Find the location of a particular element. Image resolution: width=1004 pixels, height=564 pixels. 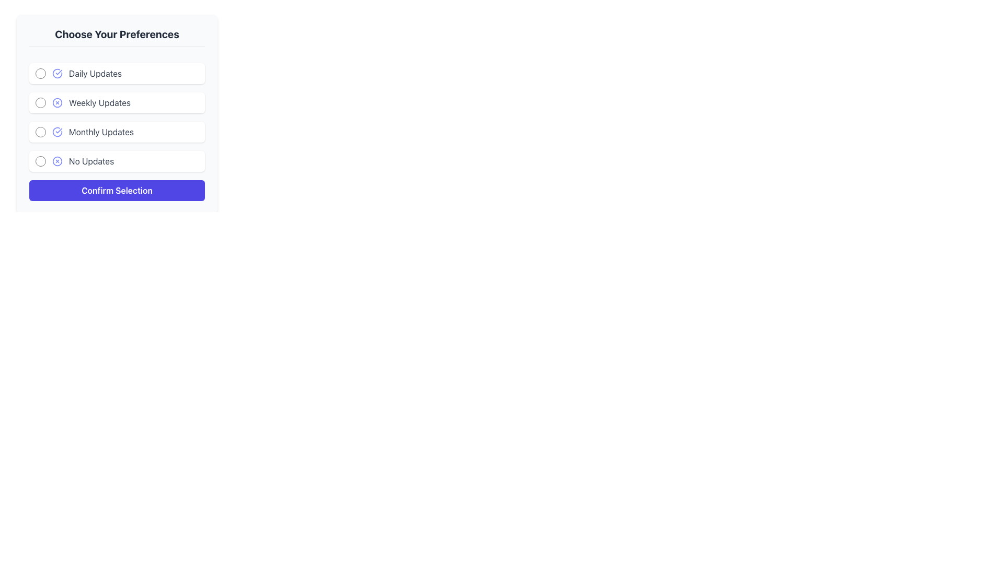

the unselected indigo radio button styled with the 'form-radio' class located next to the 'Monthly Updates' label in the 'Choose Your Preferences' section is located at coordinates (40, 132).